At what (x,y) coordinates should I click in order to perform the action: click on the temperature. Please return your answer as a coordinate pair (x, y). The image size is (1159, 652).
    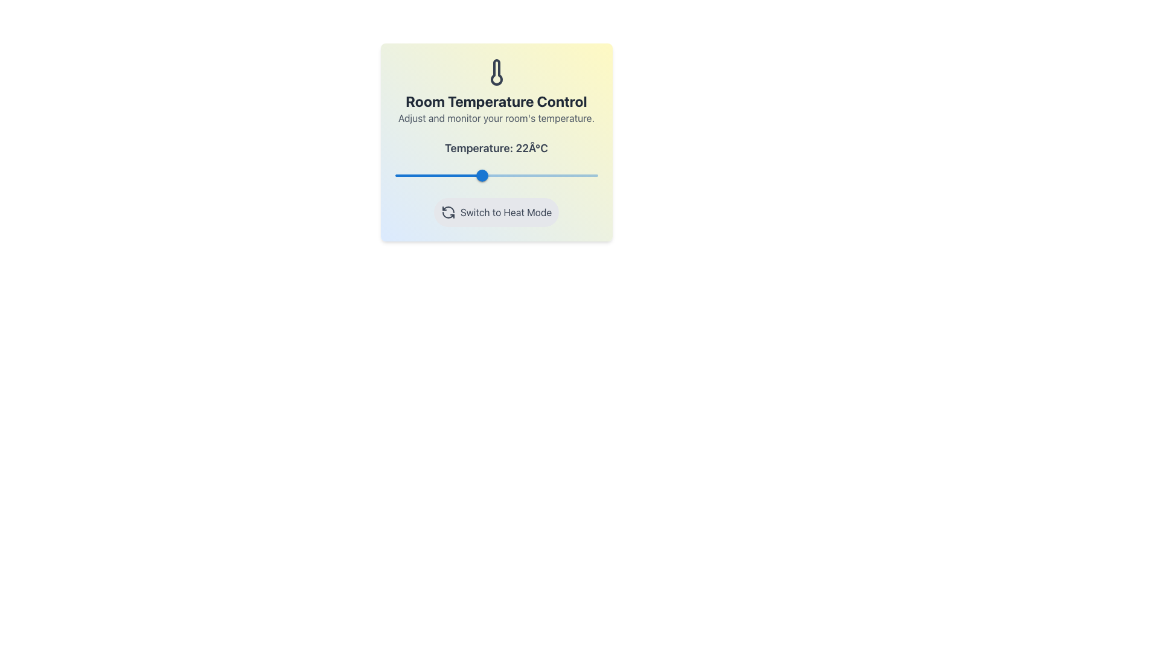
    Looking at the image, I should click on (526, 175).